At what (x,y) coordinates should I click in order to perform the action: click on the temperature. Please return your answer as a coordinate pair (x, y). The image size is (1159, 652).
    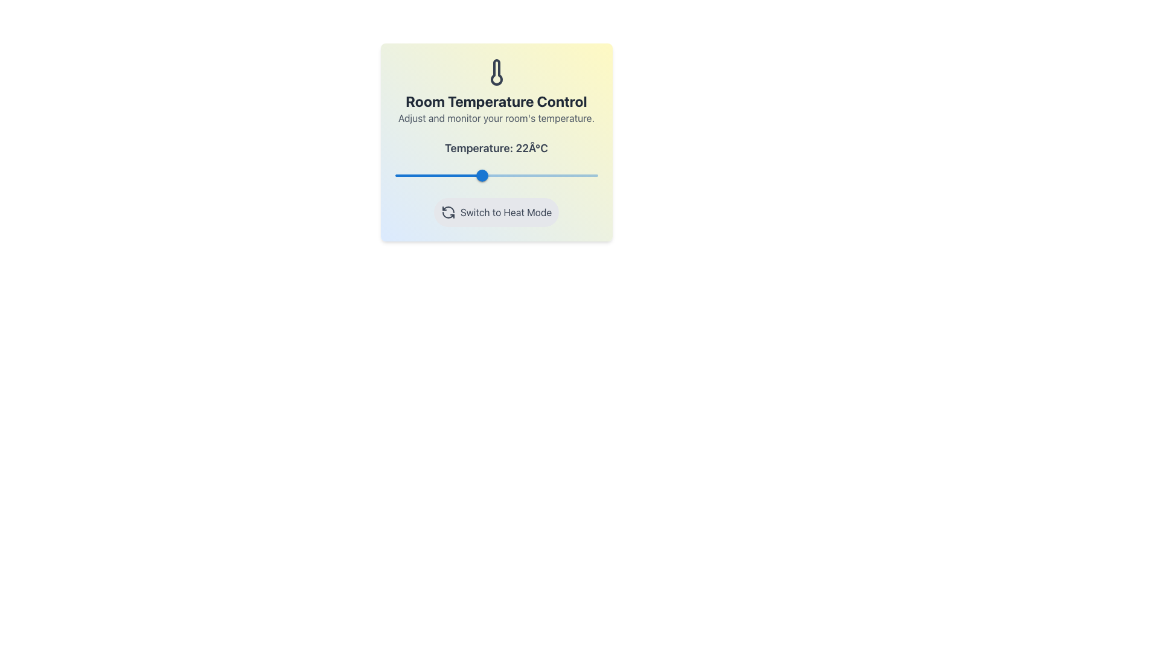
    Looking at the image, I should click on (526, 175).